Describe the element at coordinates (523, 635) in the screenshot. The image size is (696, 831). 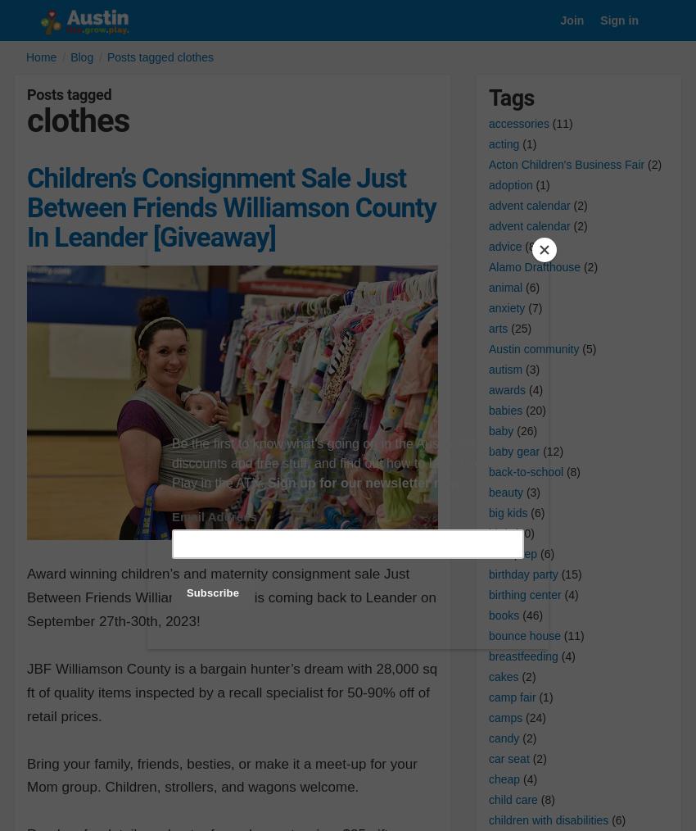
I see `'bounce house'` at that location.